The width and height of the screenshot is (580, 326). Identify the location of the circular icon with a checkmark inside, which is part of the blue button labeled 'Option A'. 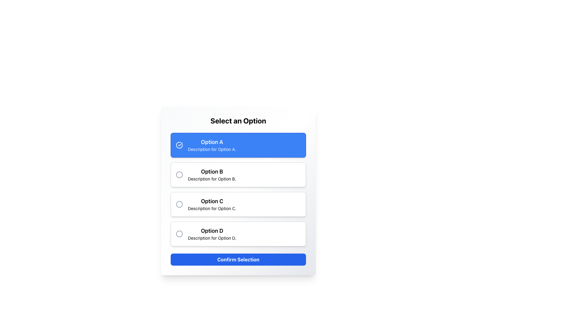
(179, 145).